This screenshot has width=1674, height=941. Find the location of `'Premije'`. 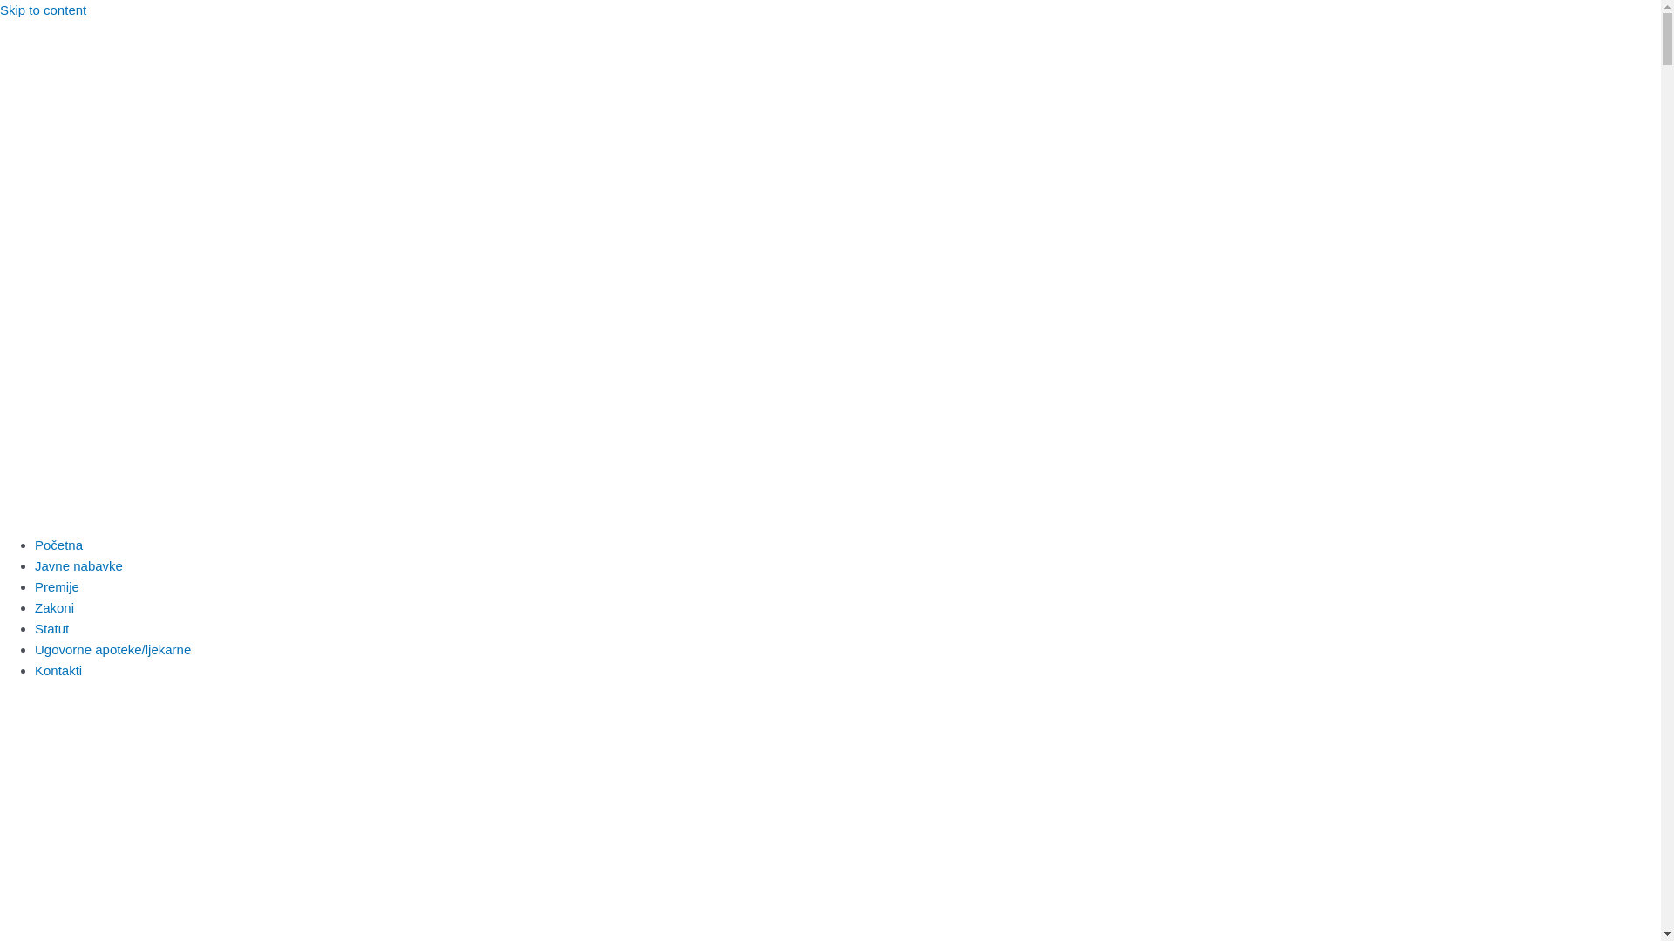

'Premije' is located at coordinates (34, 586).